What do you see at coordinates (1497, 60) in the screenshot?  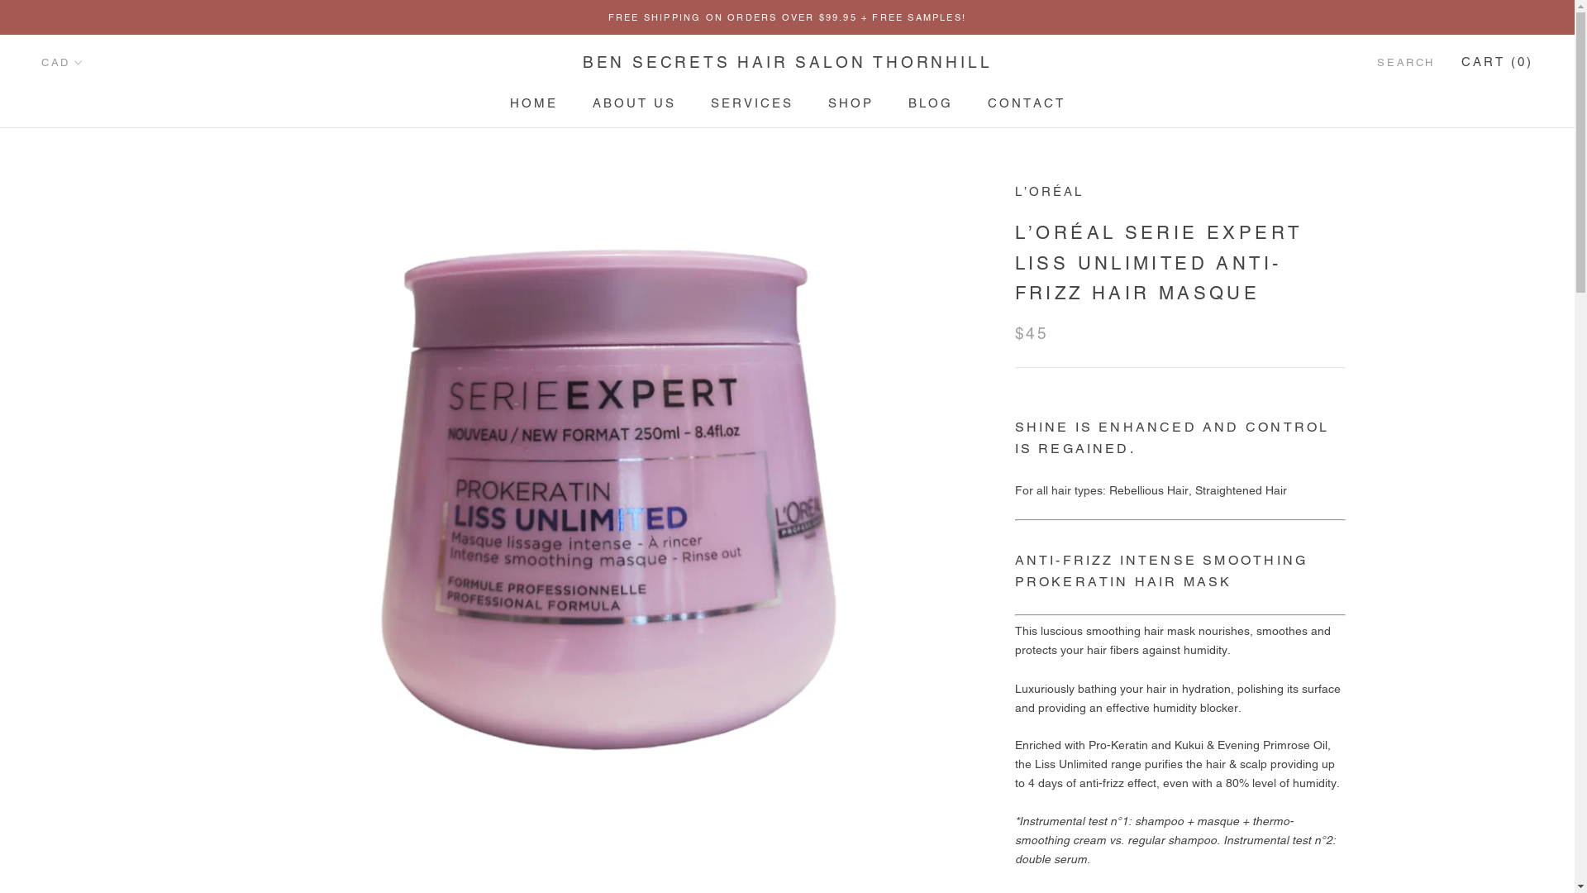 I see `'CART (0)'` at bounding box center [1497, 60].